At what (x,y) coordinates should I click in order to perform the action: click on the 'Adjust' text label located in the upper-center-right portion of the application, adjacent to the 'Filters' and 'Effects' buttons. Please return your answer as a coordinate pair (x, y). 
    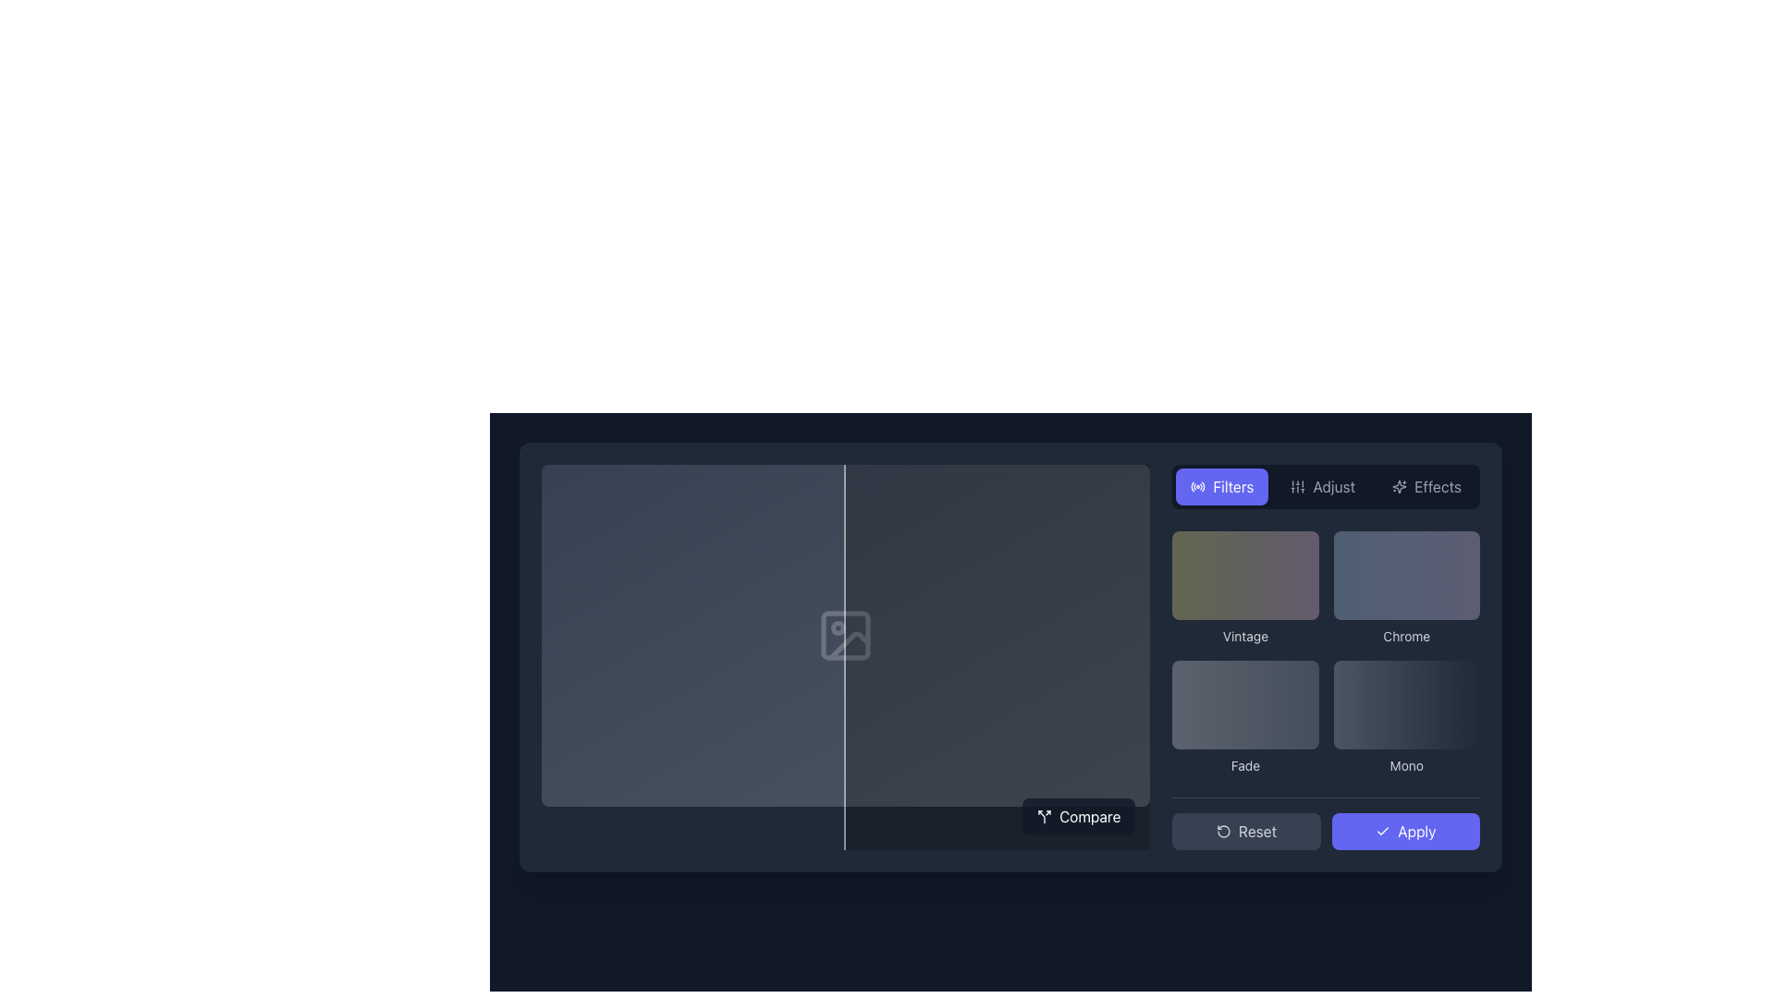
    Looking at the image, I should click on (1334, 486).